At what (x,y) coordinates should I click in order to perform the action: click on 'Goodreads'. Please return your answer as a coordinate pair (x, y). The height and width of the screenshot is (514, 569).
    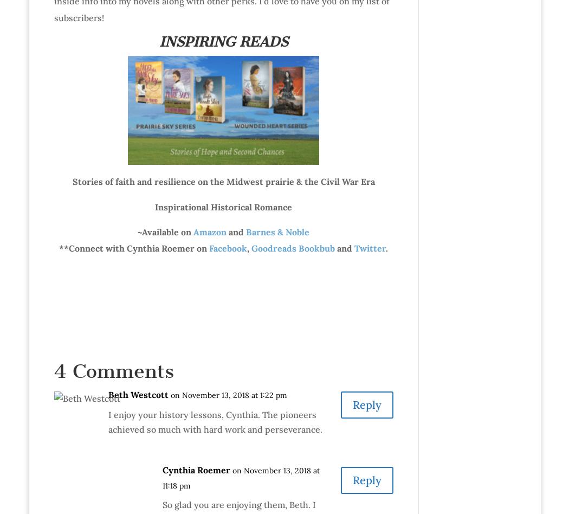
    Looking at the image, I should click on (274, 247).